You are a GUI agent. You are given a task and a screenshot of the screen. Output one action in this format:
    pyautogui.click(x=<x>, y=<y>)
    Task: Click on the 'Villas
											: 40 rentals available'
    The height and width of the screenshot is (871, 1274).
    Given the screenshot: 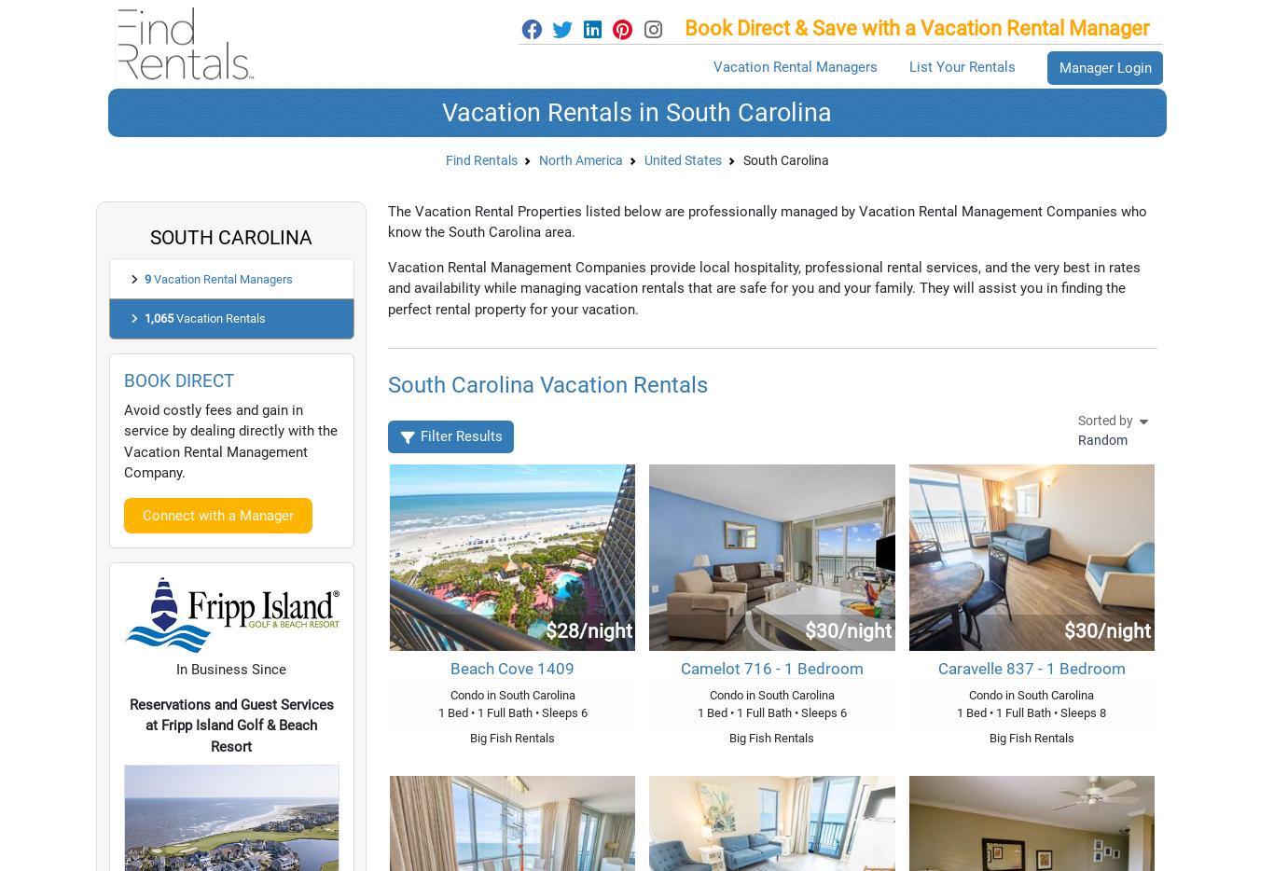 What is the action you would take?
    pyautogui.click(x=260, y=599)
    